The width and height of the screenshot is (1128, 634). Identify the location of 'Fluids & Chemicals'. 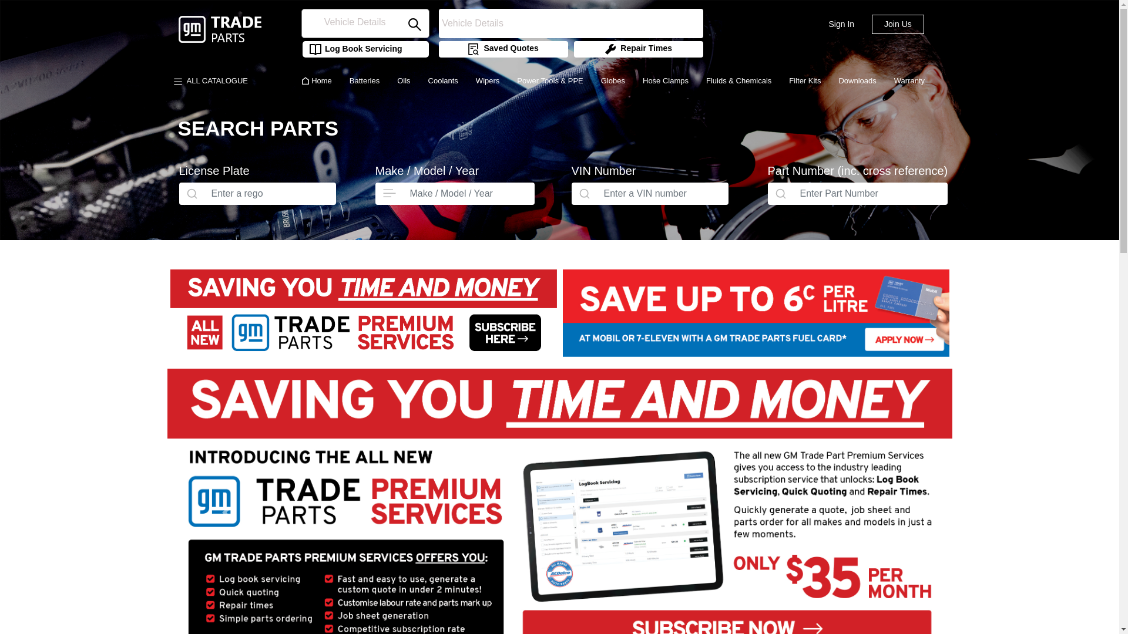
(738, 80).